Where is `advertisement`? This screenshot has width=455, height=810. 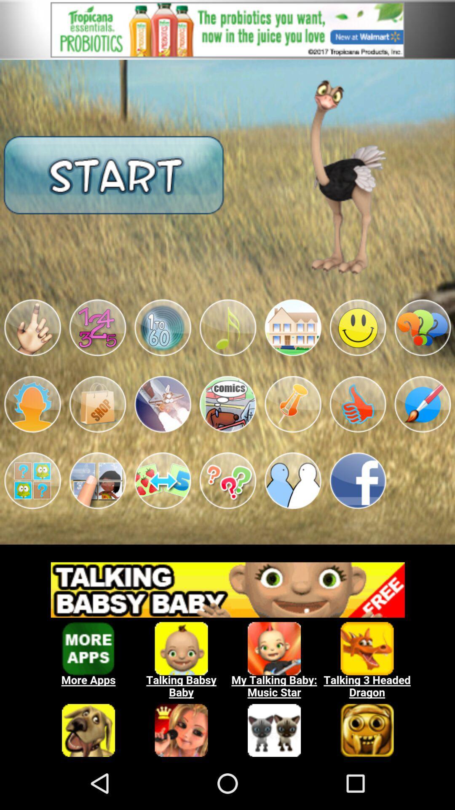
advertisement is located at coordinates (227, 654).